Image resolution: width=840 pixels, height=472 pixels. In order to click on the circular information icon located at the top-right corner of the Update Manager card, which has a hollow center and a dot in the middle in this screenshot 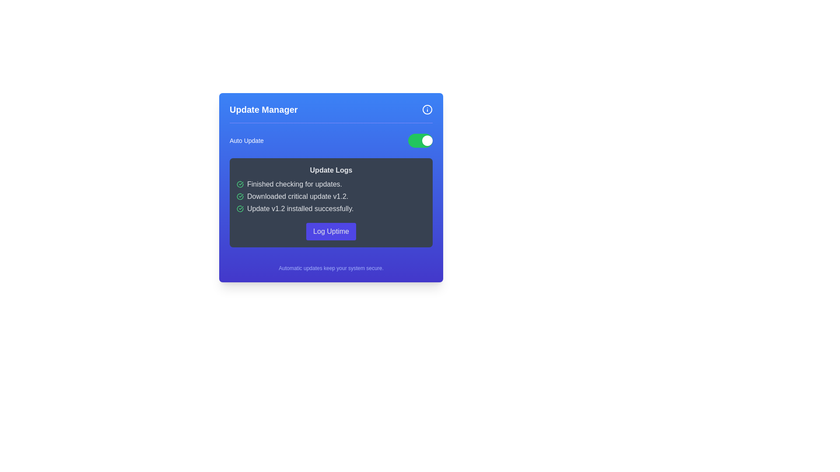, I will do `click(427, 109)`.